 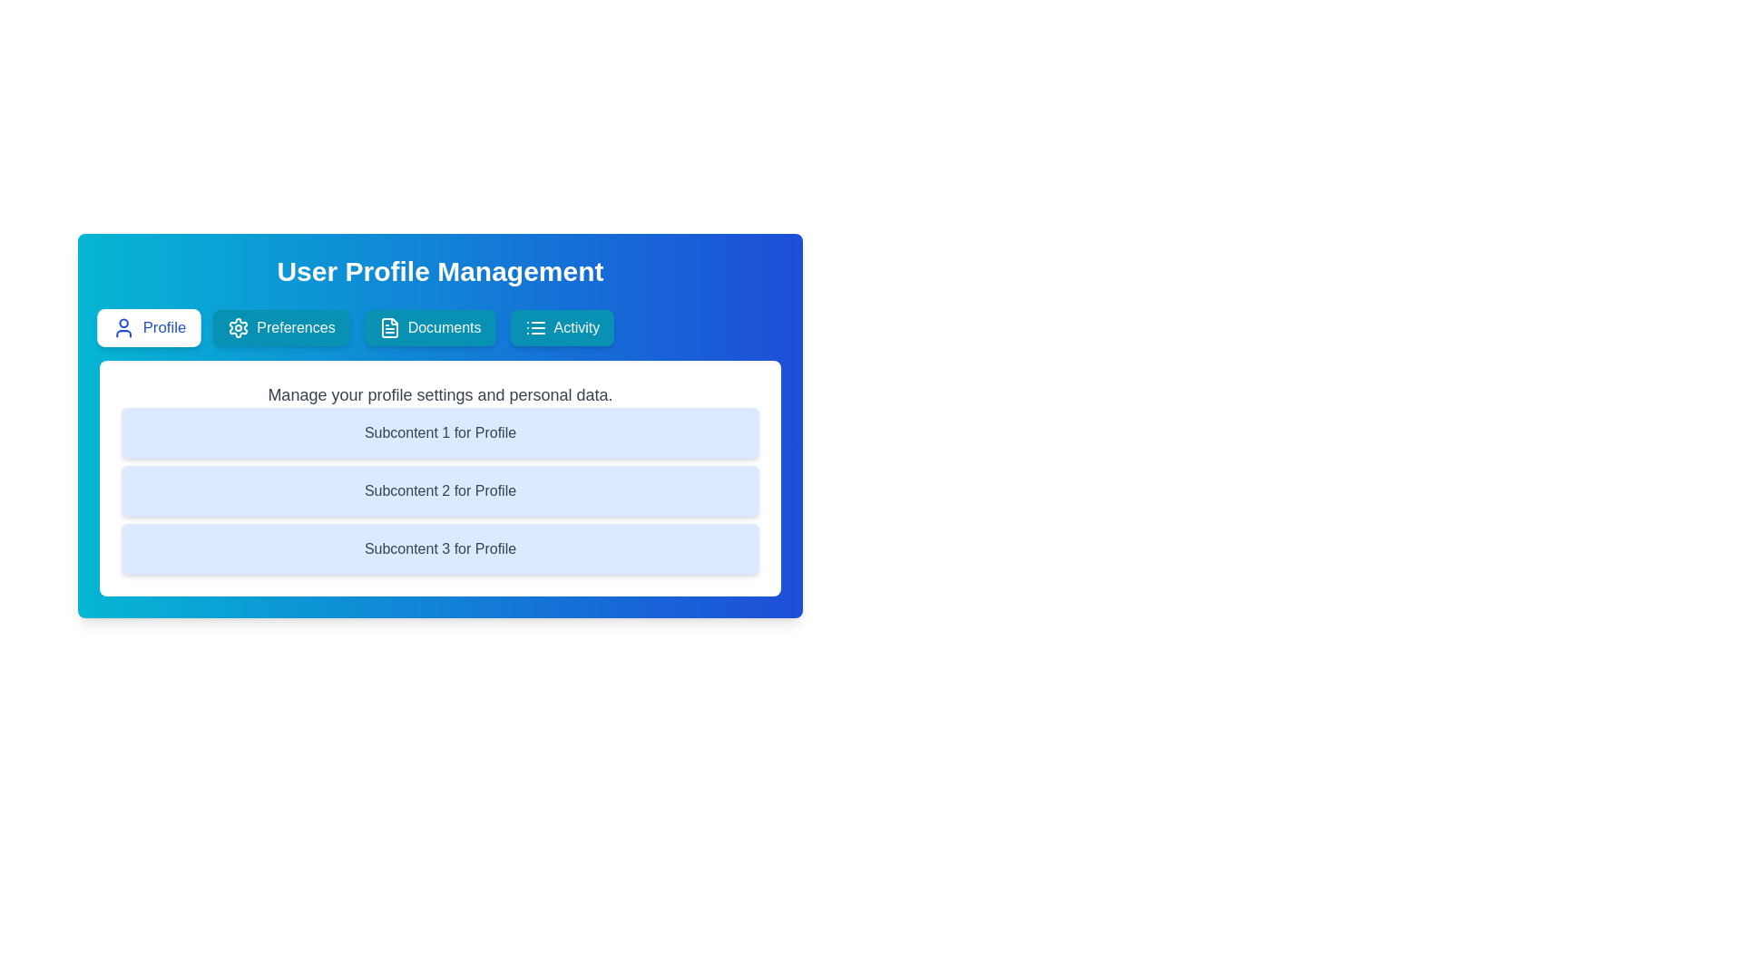 I want to click on the 'Preferences' button containing the gear icon, so click(x=238, y=328).